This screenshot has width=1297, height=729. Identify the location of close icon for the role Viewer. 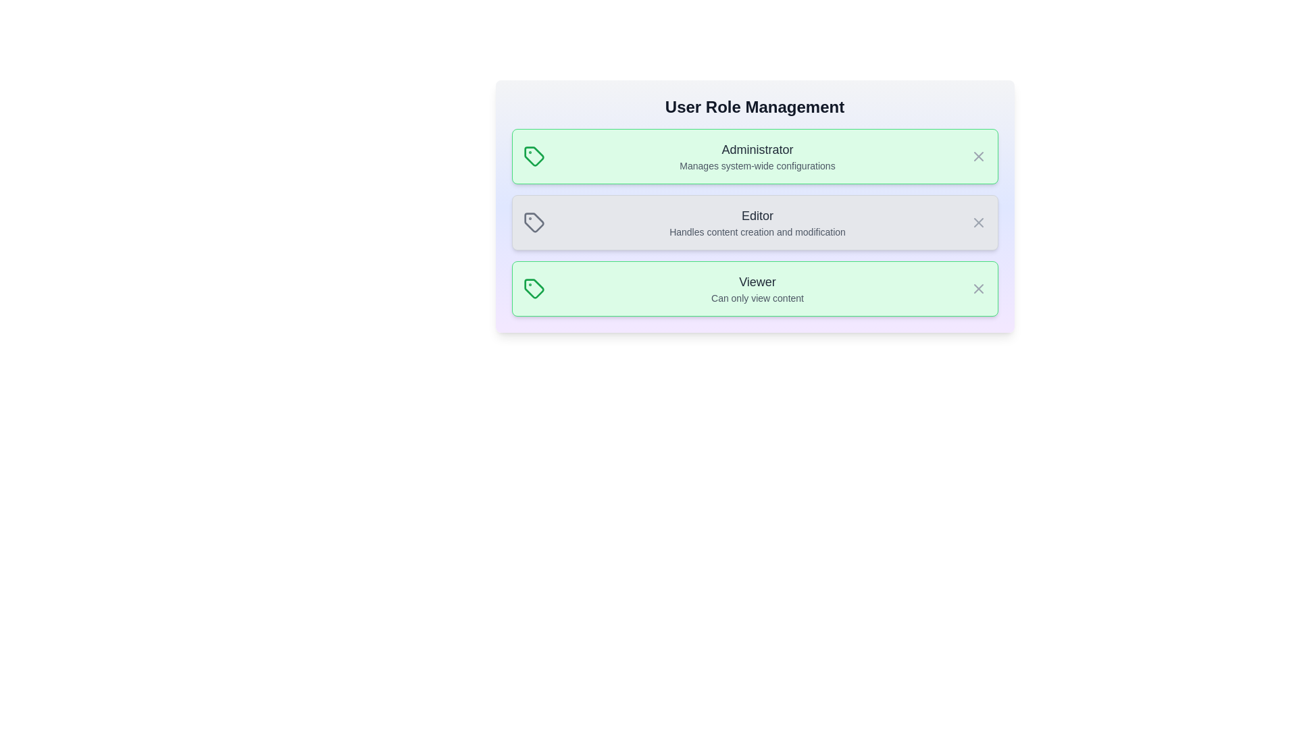
(978, 288).